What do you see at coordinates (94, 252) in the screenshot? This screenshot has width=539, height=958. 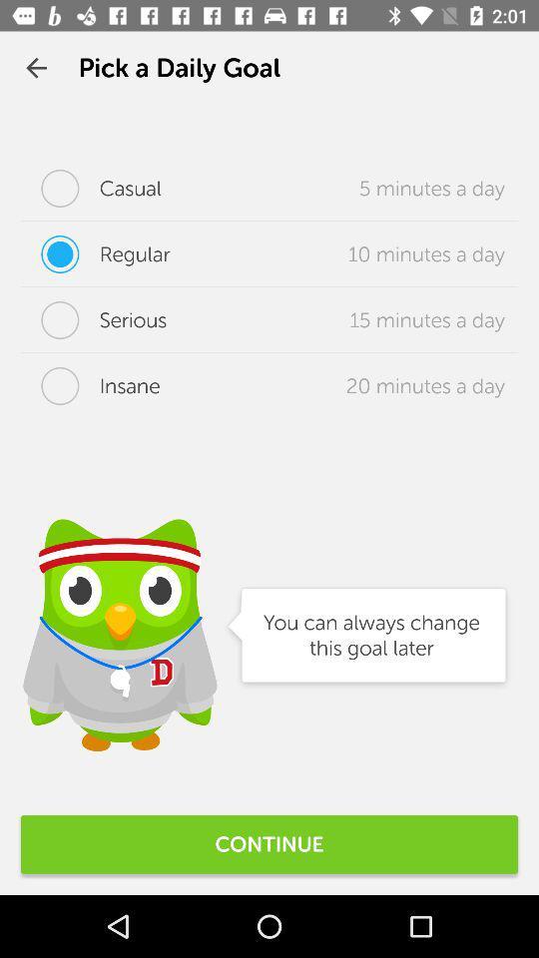 I see `icon next to 10 minutes a` at bounding box center [94, 252].